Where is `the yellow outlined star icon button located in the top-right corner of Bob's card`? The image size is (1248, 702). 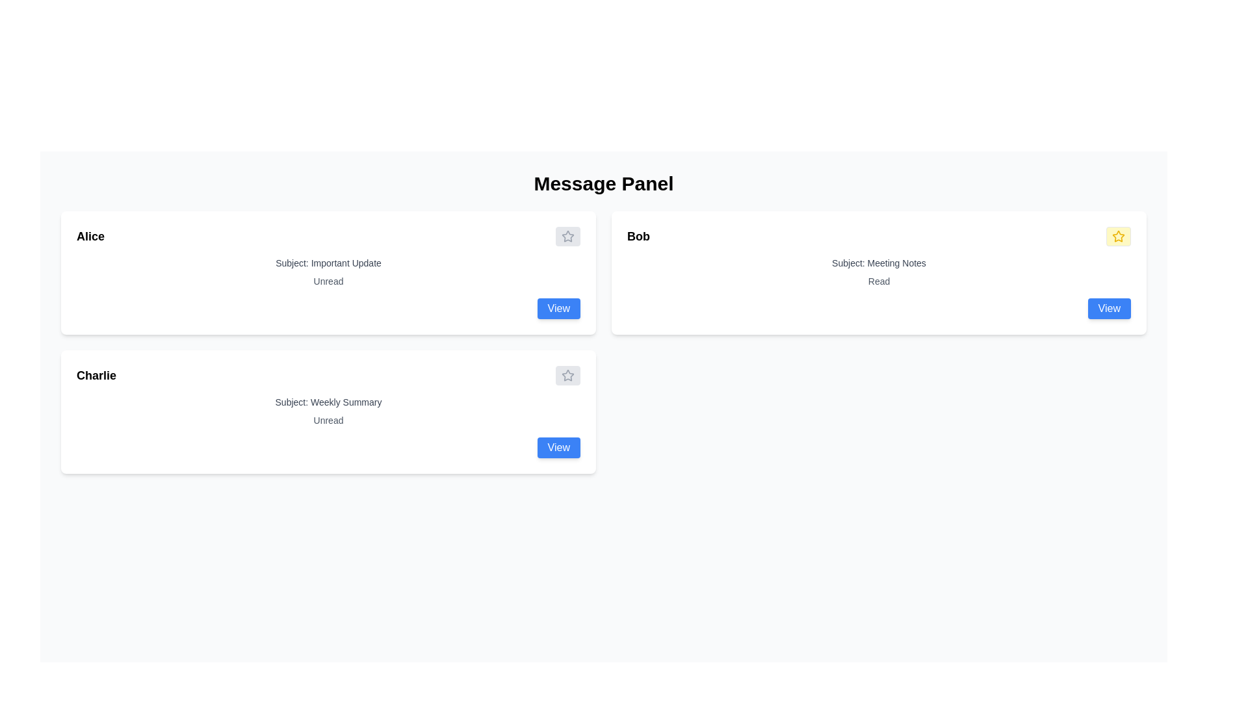
the yellow outlined star icon button located in the top-right corner of Bob's card is located at coordinates (1118, 236).